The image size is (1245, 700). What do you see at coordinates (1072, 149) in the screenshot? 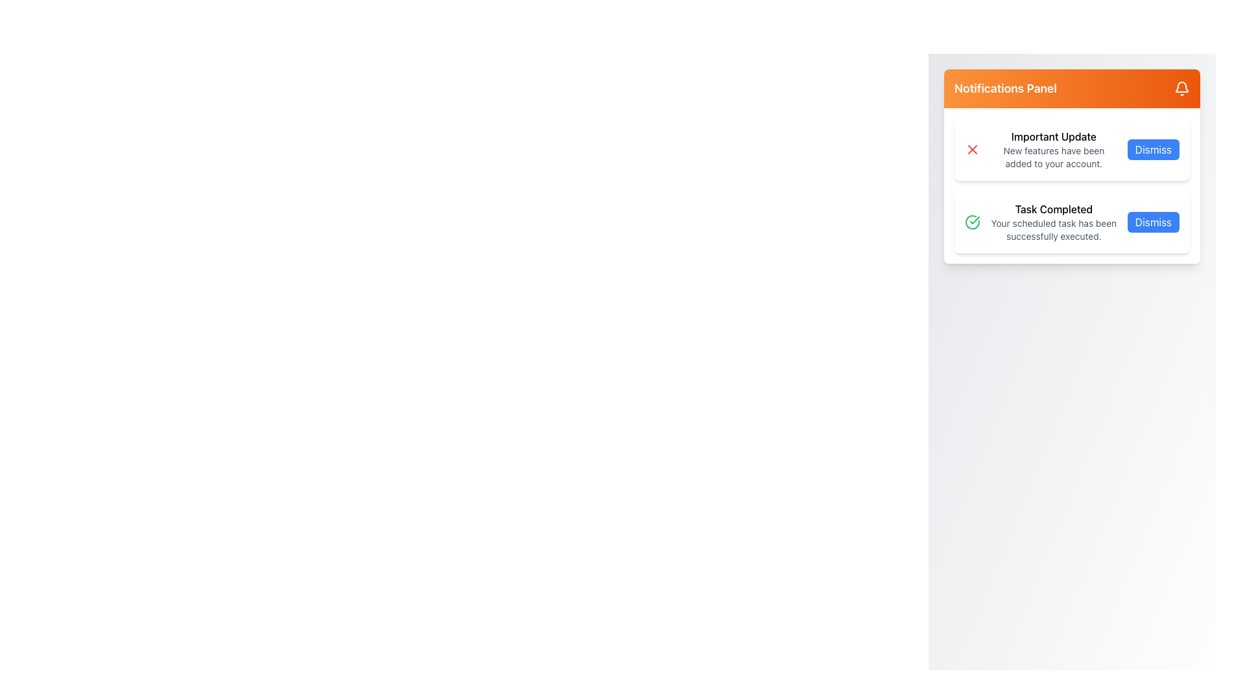
I see `title and description of the first notification card in the notifications panel, which informs the user about an important account update` at bounding box center [1072, 149].